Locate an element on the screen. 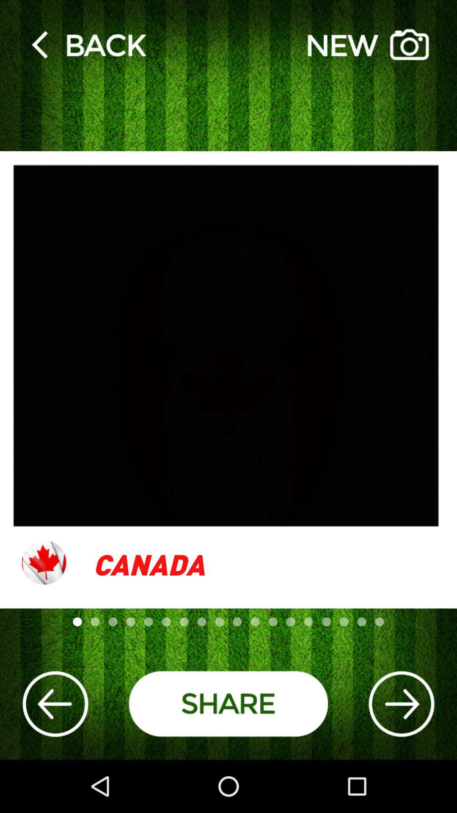  go back is located at coordinates (55, 704).